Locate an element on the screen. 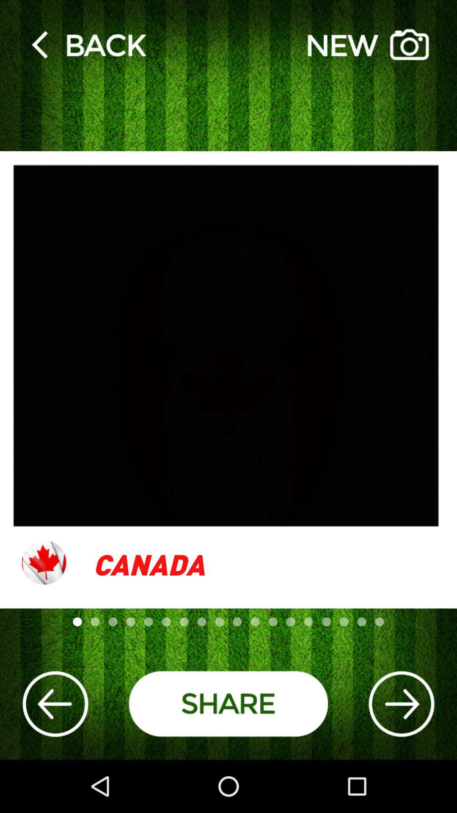  go back is located at coordinates (55, 704).